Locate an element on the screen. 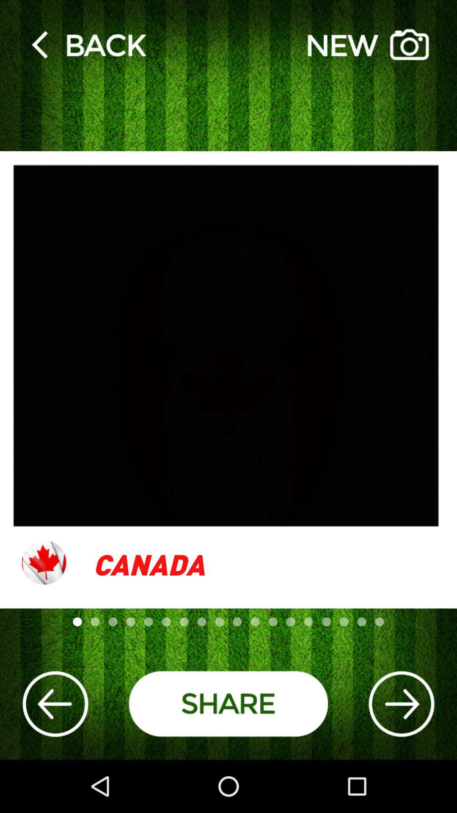  go back is located at coordinates (55, 704).